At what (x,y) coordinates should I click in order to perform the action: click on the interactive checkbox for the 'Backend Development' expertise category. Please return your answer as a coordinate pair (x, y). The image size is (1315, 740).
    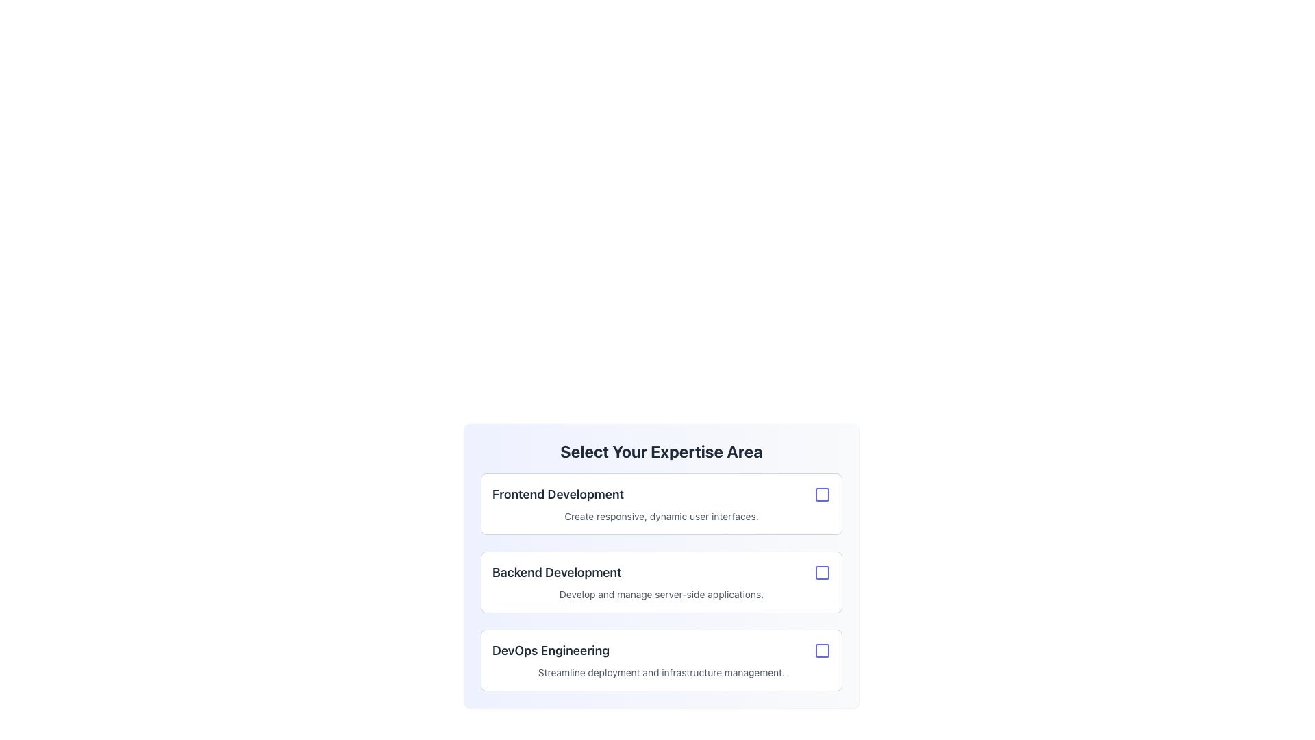
    Looking at the image, I should click on (822, 573).